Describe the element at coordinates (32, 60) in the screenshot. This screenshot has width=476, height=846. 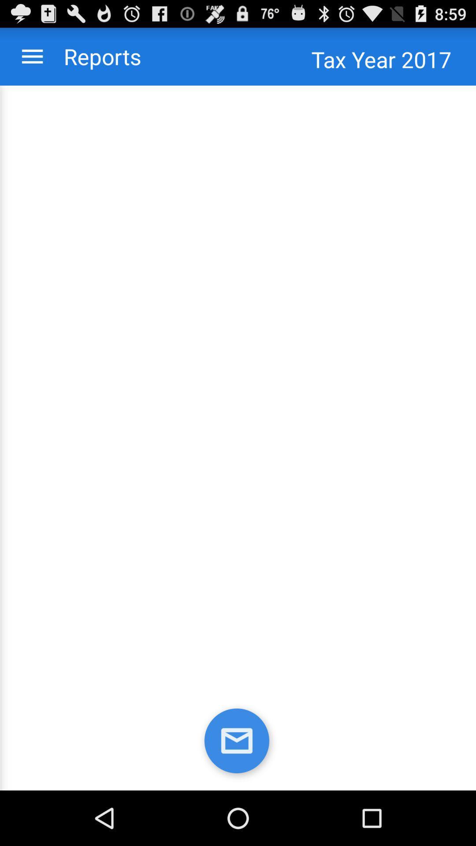
I see `the menu icon` at that location.